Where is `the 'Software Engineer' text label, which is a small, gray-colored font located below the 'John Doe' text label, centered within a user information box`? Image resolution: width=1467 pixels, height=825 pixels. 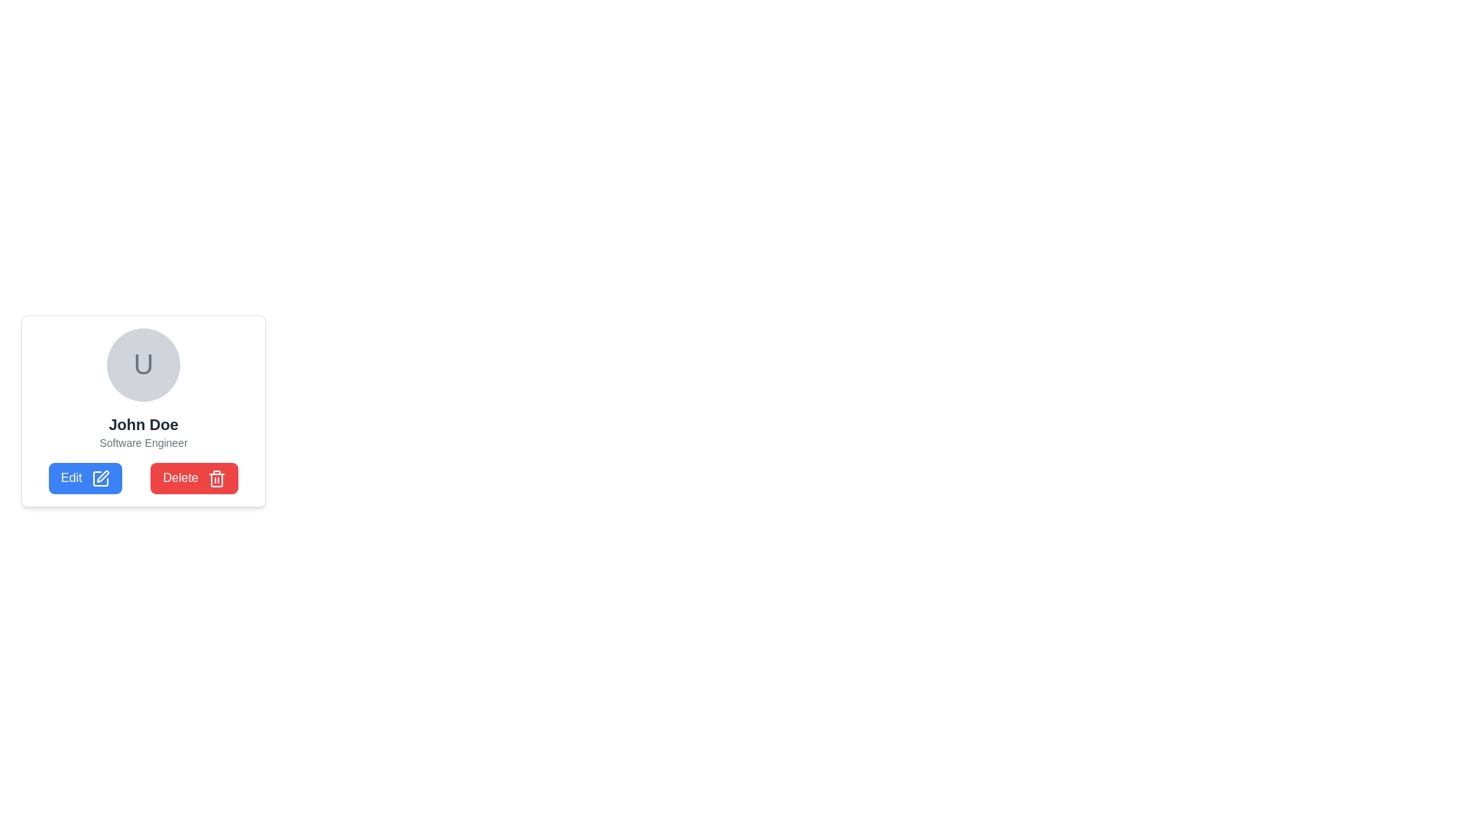 the 'Software Engineer' text label, which is a small, gray-colored font located below the 'John Doe' text label, centered within a user information box is located at coordinates (143, 442).